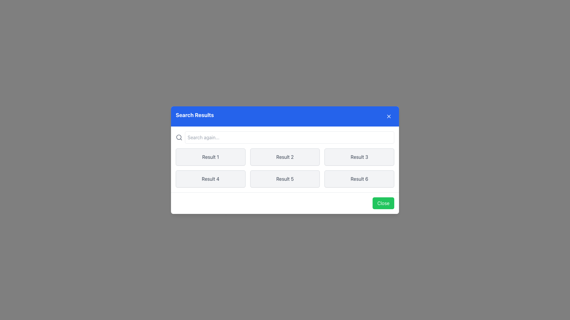 The width and height of the screenshot is (570, 320). Describe the element at coordinates (383, 203) in the screenshot. I see `the green 'Close' button located in the bottom-right corner of the modal` at that location.